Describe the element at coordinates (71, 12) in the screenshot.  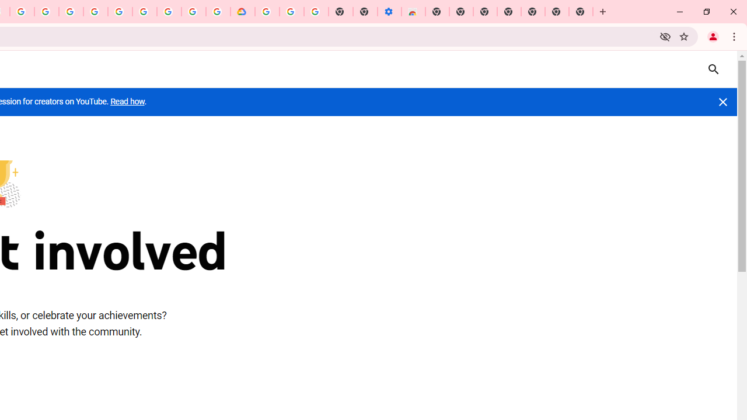
I see `'Ad Settings'` at that location.